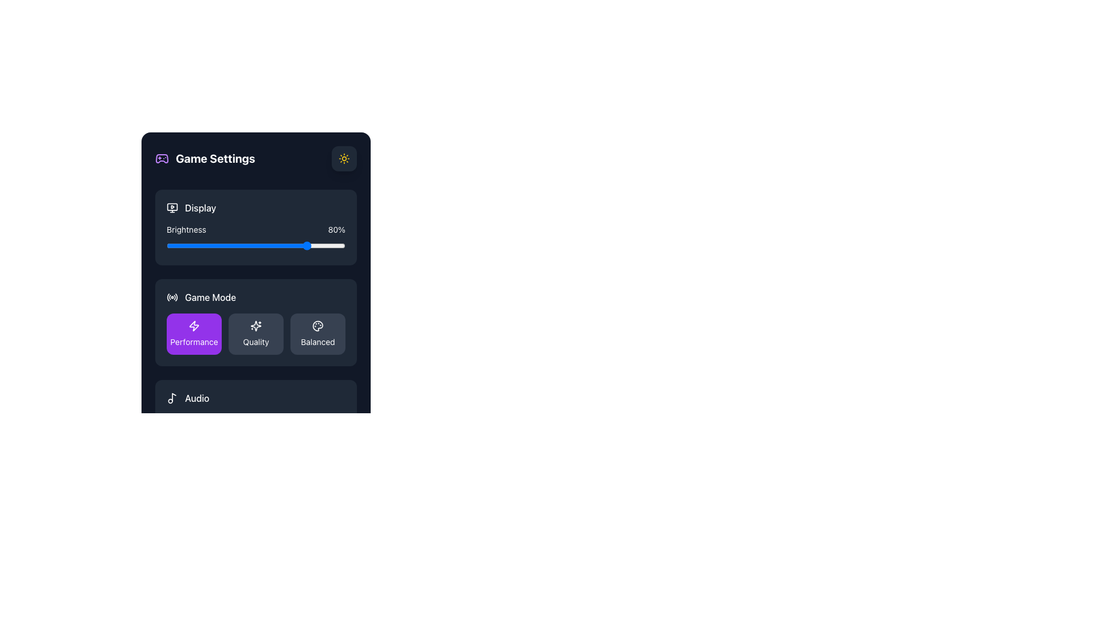 The image size is (1100, 619). Describe the element at coordinates (343, 159) in the screenshot. I see `the button with a rounded rectangular shape, dark gray background, and a yellow sun icon located` at that location.